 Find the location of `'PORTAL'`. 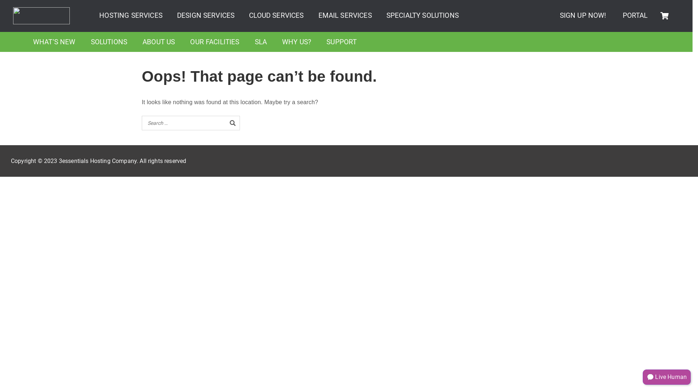

'PORTAL' is located at coordinates (635, 15).